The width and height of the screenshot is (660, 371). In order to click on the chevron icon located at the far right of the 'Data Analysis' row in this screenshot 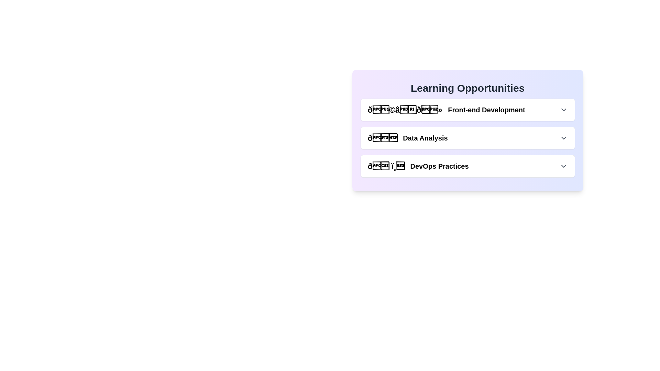, I will do `click(563, 138)`.